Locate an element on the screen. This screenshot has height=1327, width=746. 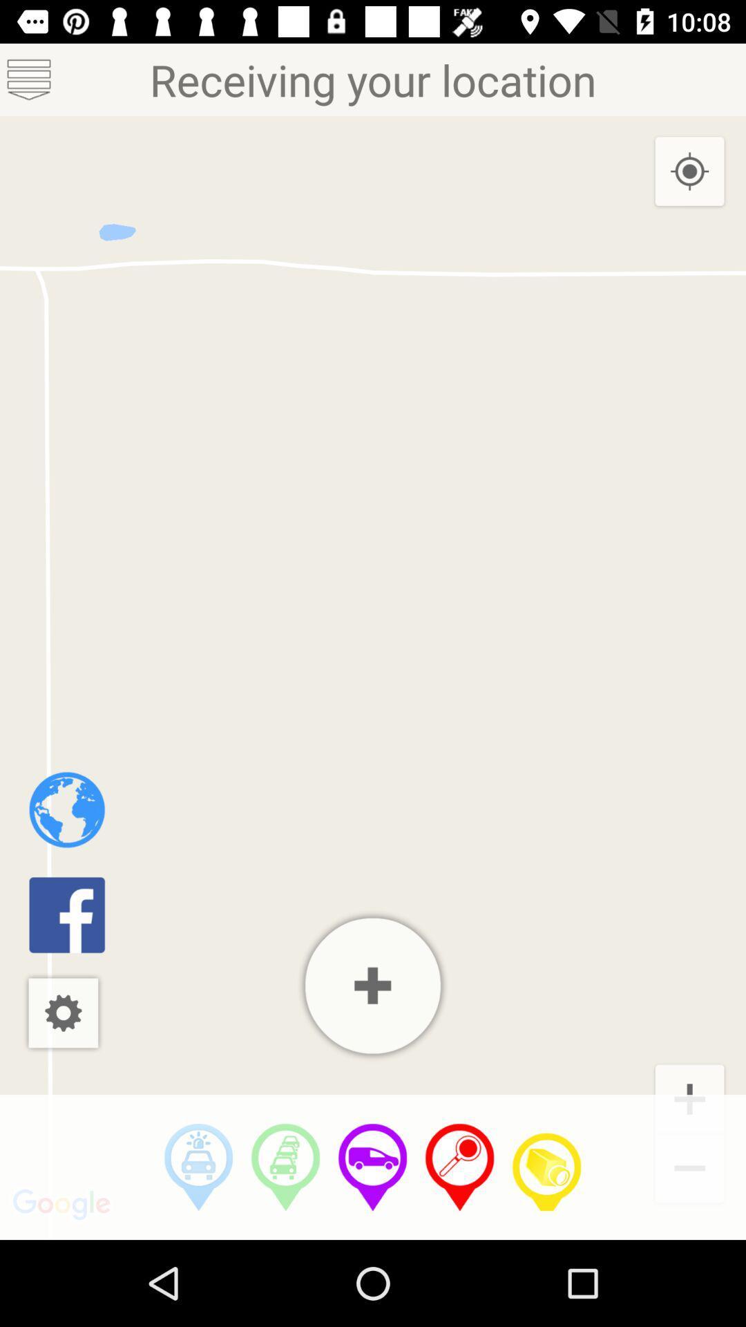
driving directions is located at coordinates (199, 1167).